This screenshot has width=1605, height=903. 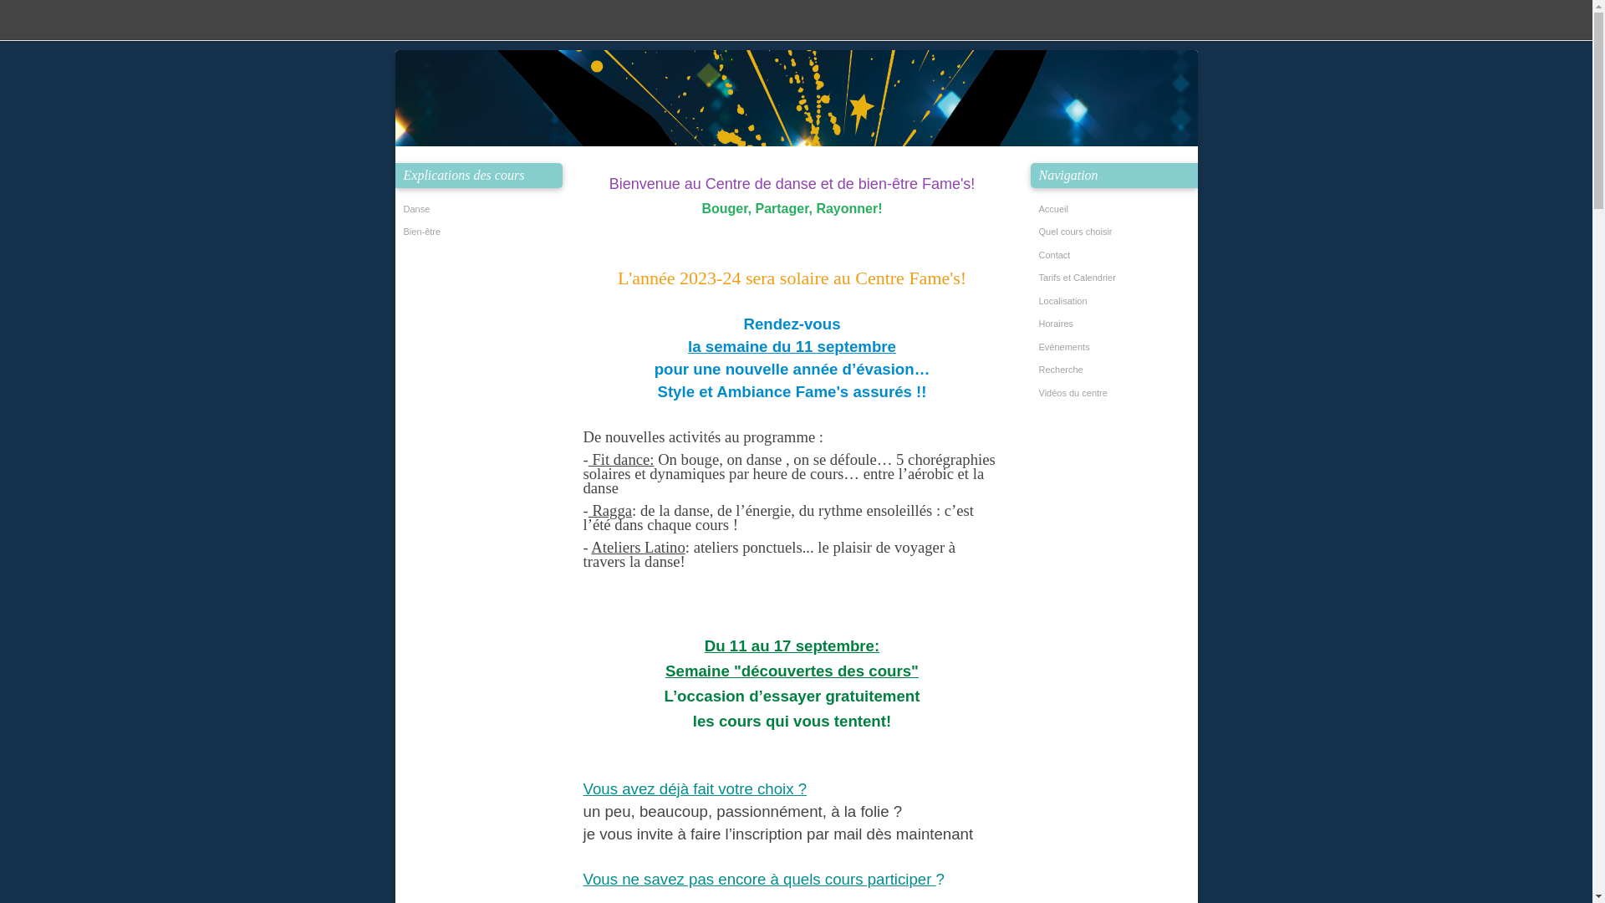 What do you see at coordinates (1116, 255) in the screenshot?
I see `'Contact'` at bounding box center [1116, 255].